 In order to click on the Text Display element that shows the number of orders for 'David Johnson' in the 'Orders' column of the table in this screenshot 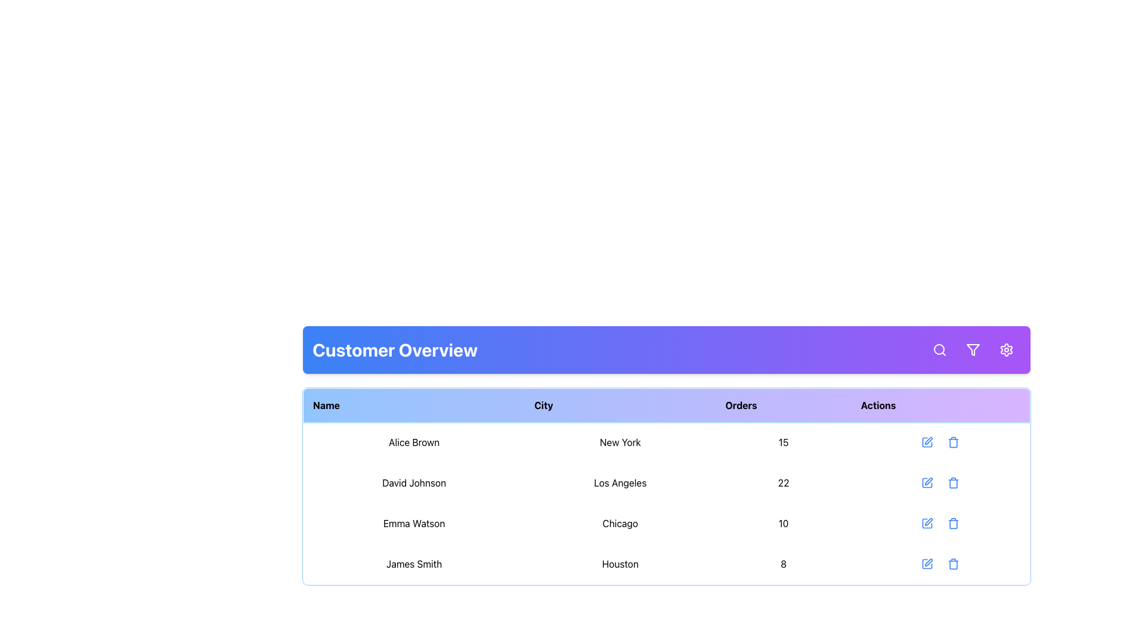, I will do `click(784, 483)`.